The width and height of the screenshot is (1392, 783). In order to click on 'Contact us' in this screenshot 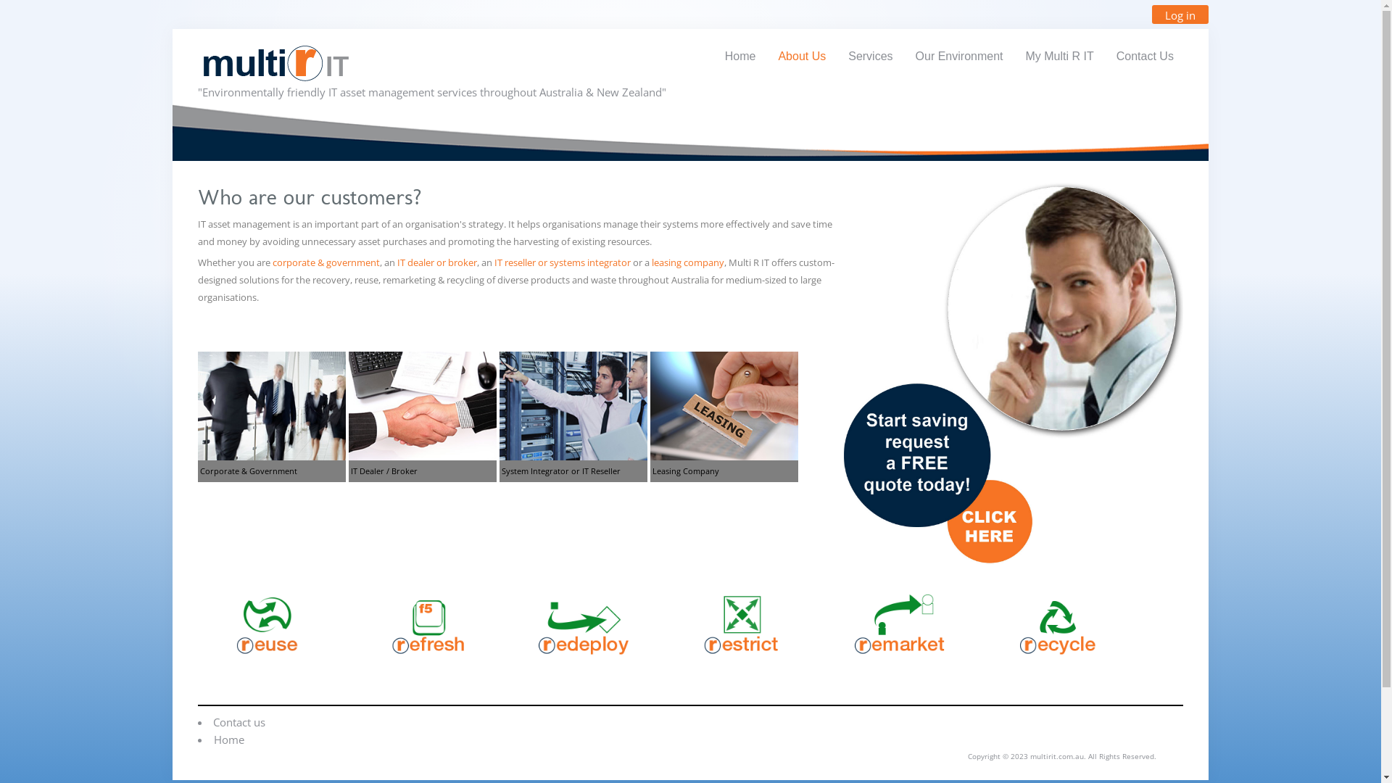, I will do `click(239, 721)`.